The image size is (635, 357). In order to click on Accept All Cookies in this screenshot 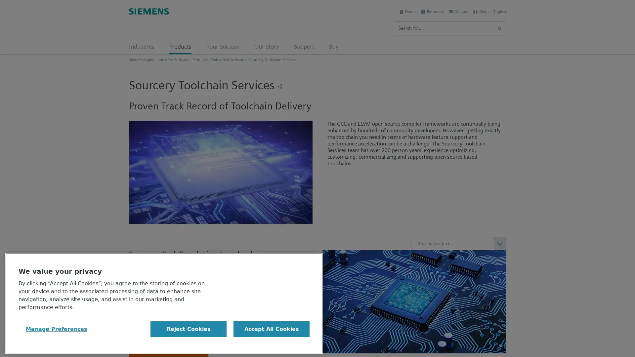, I will do `click(271, 329)`.